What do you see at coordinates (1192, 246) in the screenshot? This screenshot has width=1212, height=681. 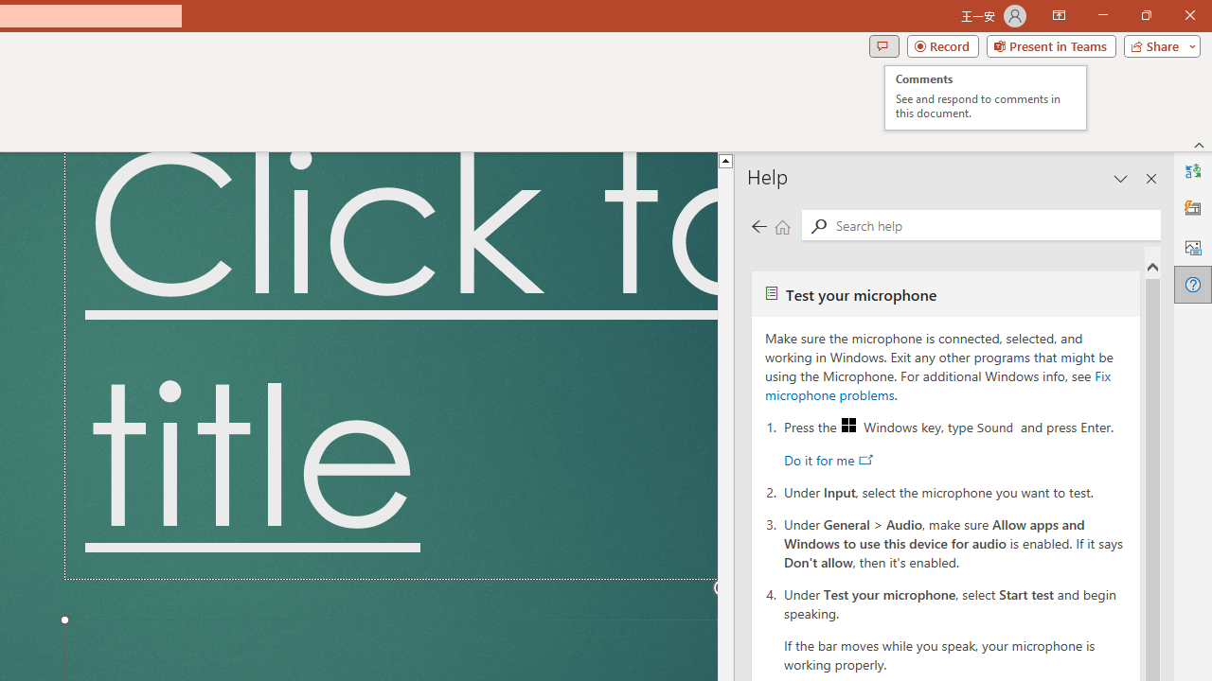 I see `'Alt Text'` at bounding box center [1192, 246].